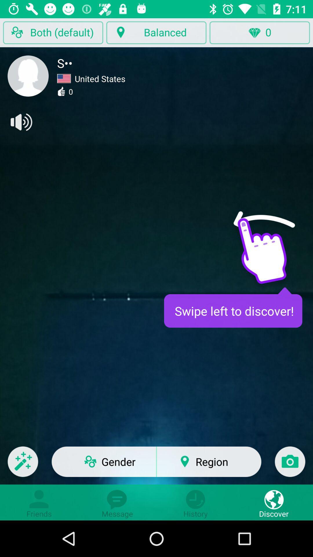  I want to click on the profile under both default of the page, so click(28, 76).